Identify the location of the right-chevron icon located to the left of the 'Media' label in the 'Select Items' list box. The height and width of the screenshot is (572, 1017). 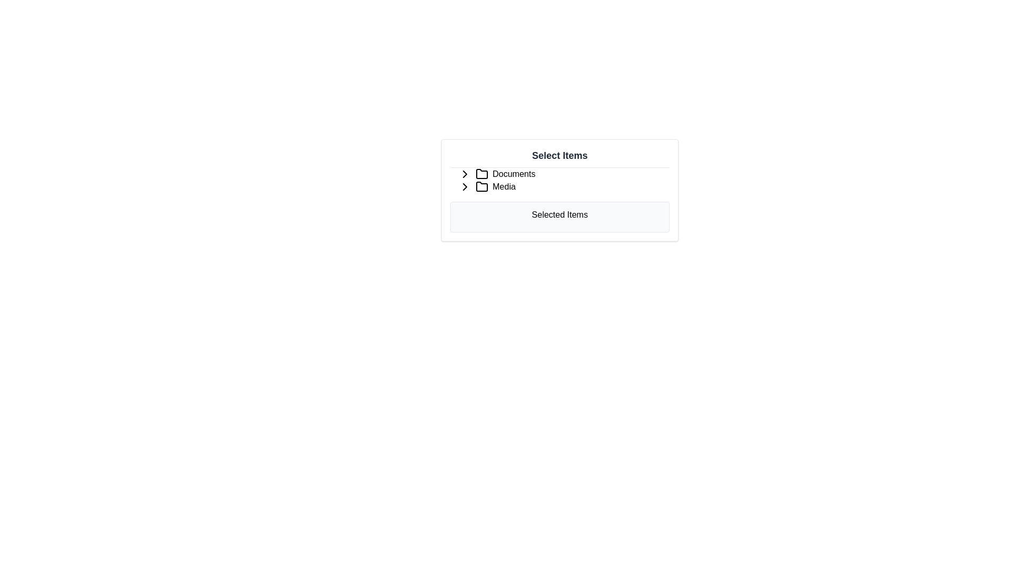
(465, 186).